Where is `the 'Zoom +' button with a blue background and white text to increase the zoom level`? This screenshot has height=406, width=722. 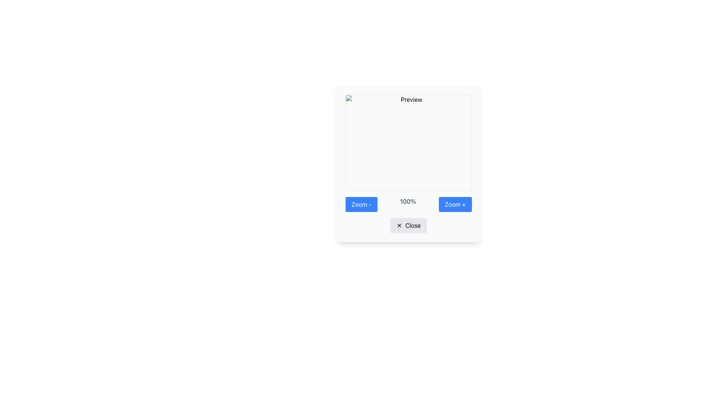
the 'Zoom +' button with a blue background and white text to increase the zoom level is located at coordinates (455, 204).